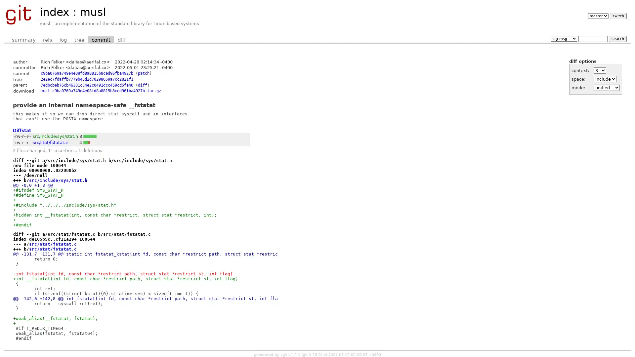 The height and width of the screenshot is (357, 635). Describe the element at coordinates (617, 38) in the screenshot. I see `search` at that location.